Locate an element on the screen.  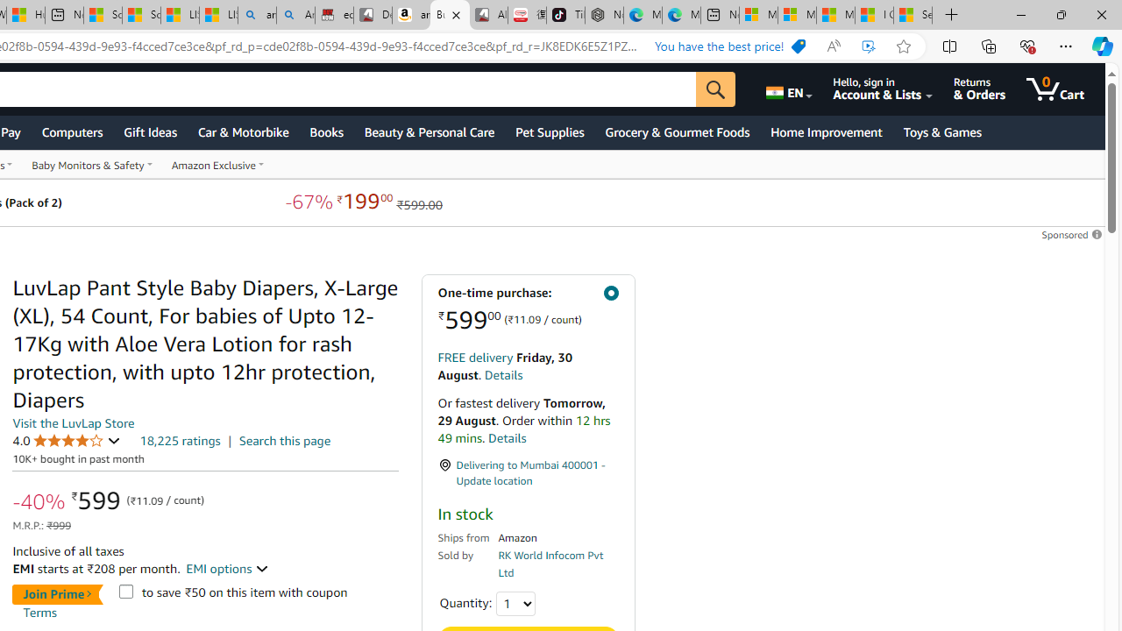
'18,225 ratings' is located at coordinates (180, 439).